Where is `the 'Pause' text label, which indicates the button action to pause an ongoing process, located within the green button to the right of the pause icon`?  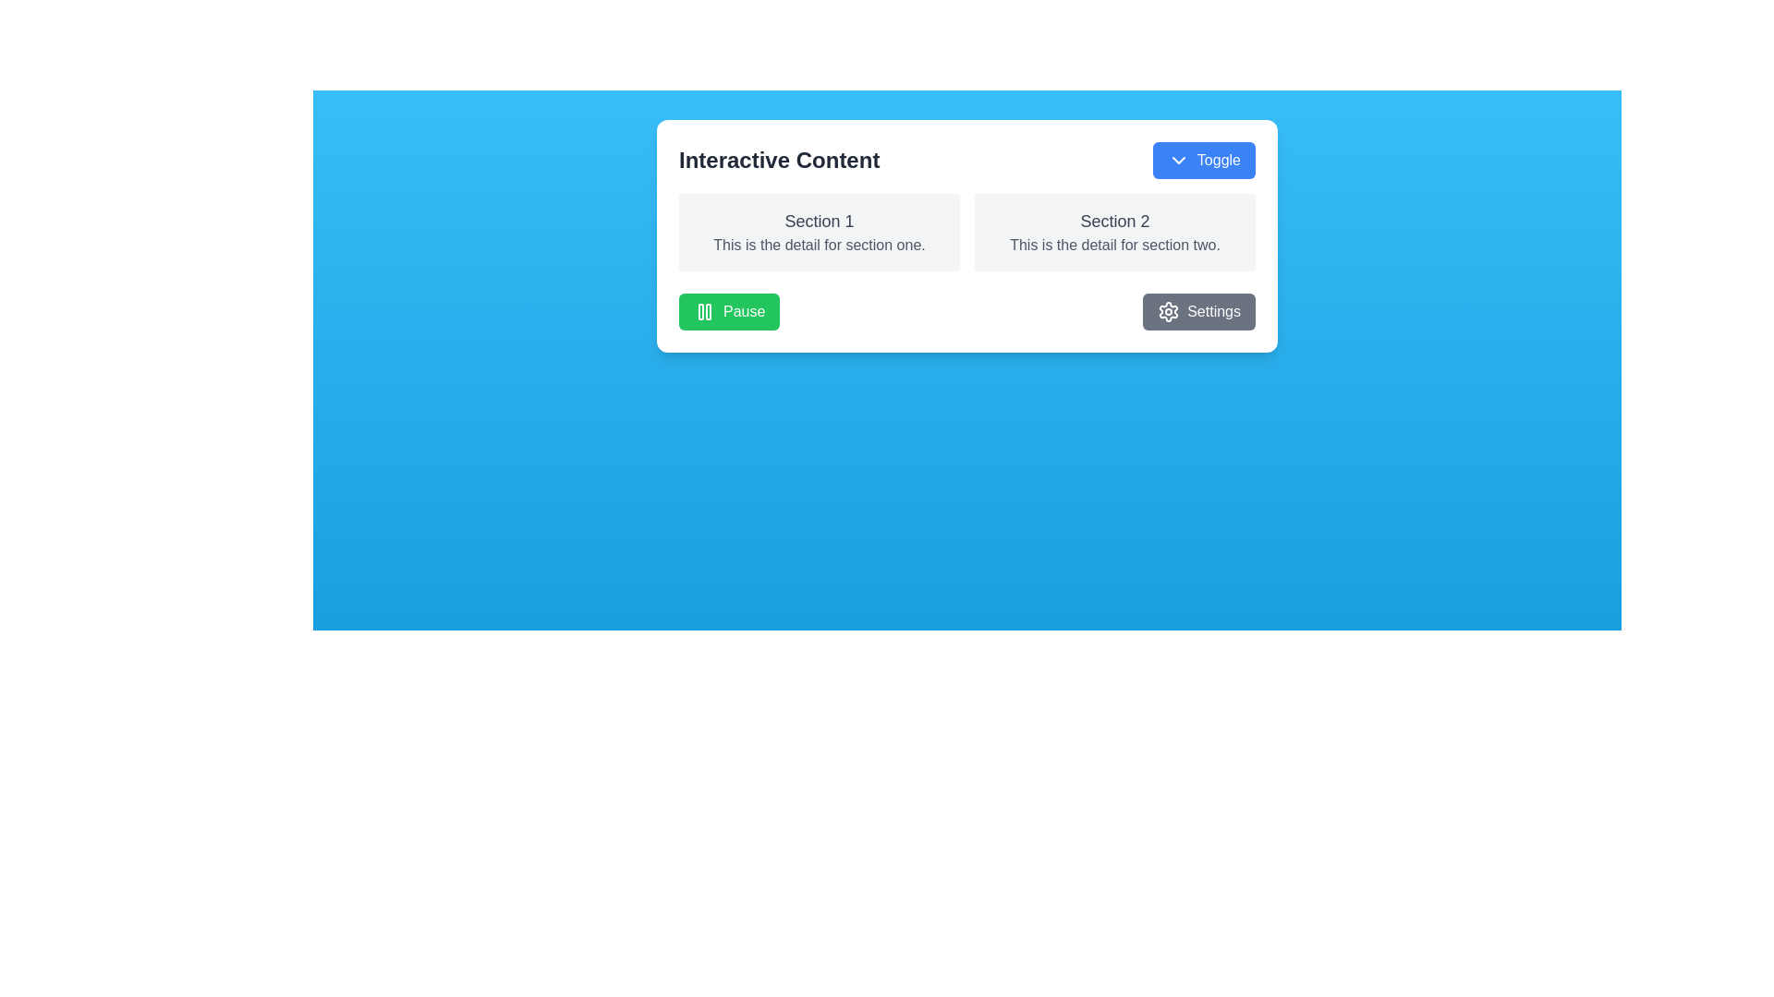 the 'Pause' text label, which indicates the button action to pause an ongoing process, located within the green button to the right of the pause icon is located at coordinates (744, 311).